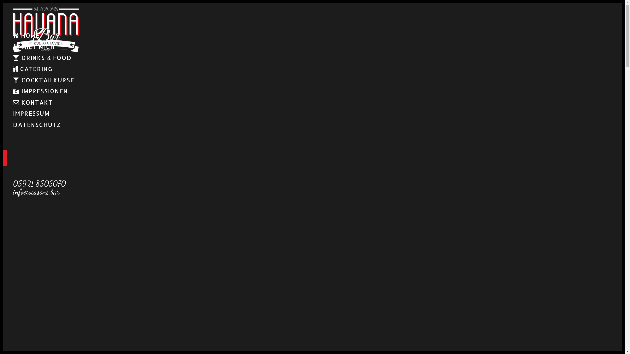  I want to click on 'DATENSCHUTZ', so click(13, 125).